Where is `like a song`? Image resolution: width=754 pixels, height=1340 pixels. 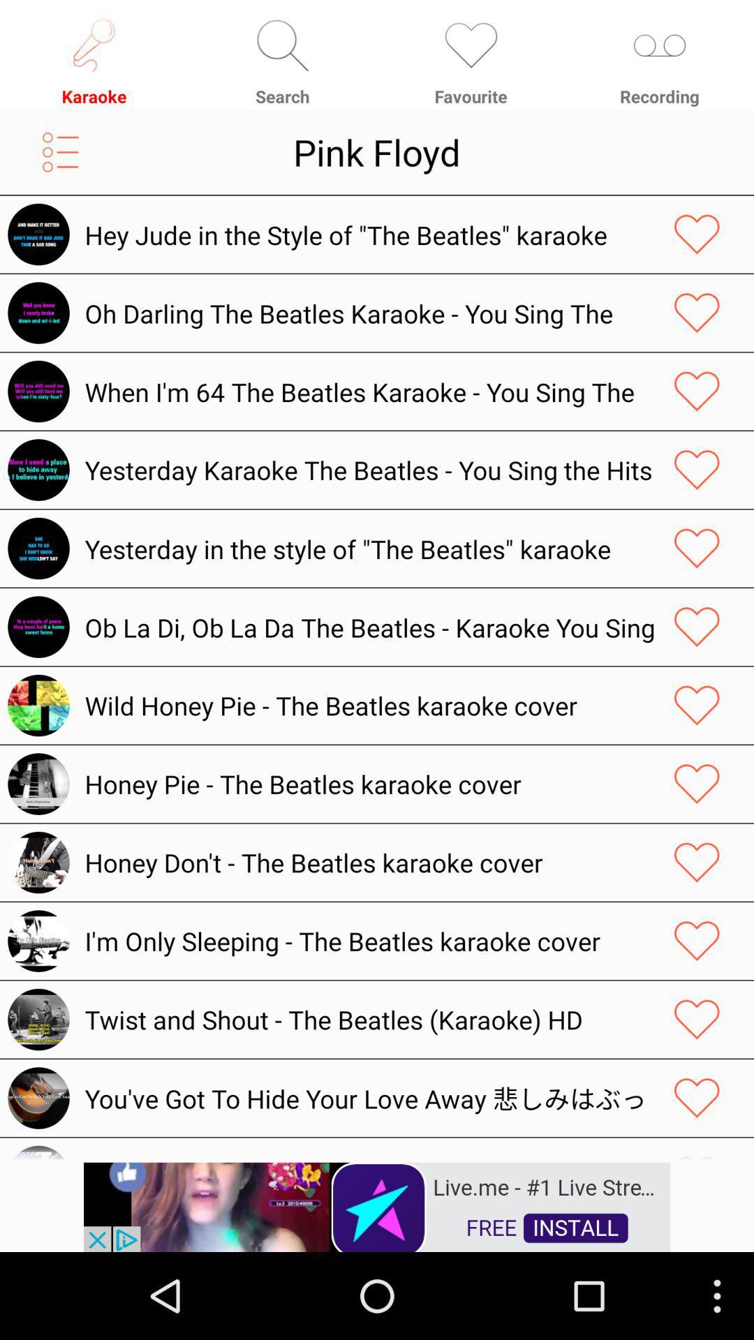
like a song is located at coordinates (697, 706).